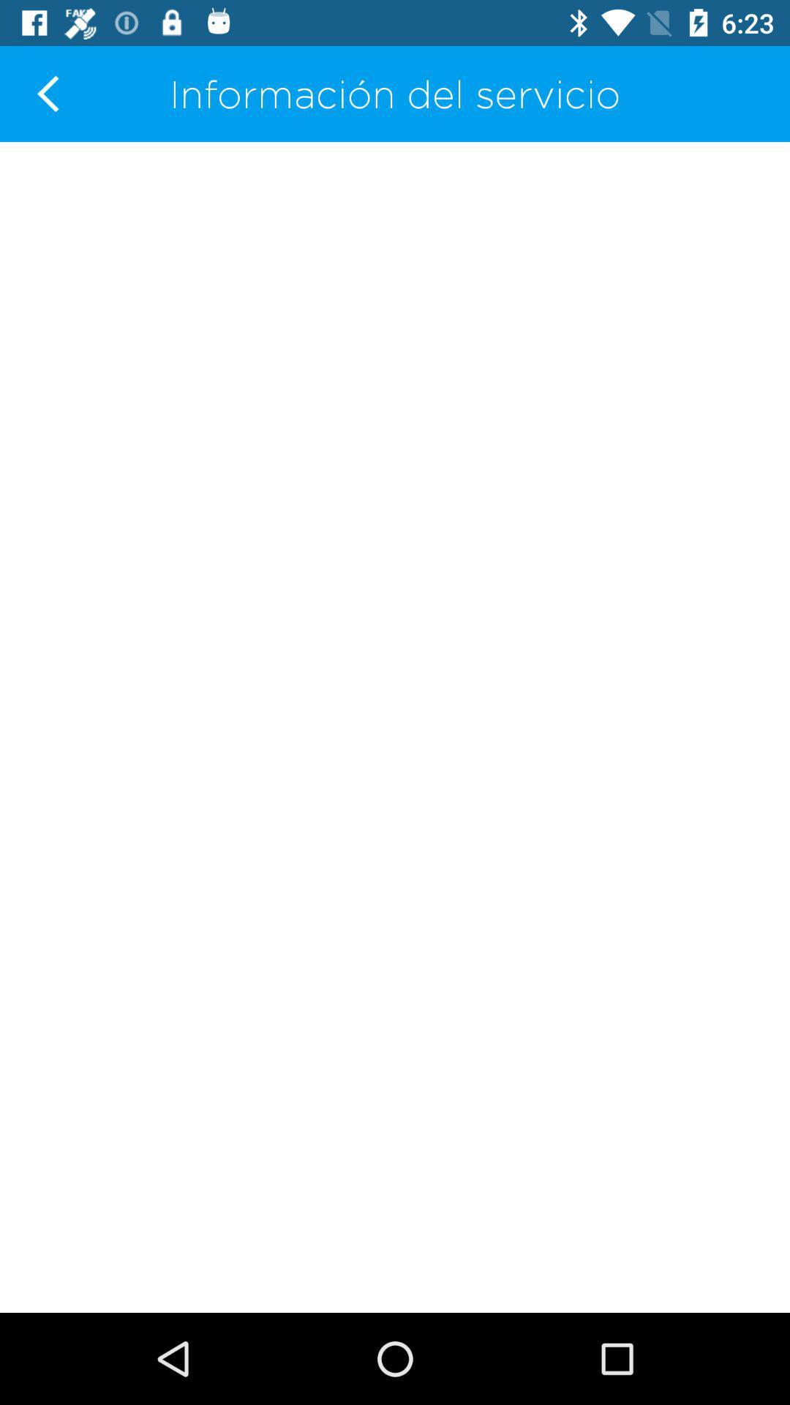 The width and height of the screenshot is (790, 1405). What do you see at coordinates (47, 93) in the screenshot?
I see `the item at the top left corner` at bounding box center [47, 93].